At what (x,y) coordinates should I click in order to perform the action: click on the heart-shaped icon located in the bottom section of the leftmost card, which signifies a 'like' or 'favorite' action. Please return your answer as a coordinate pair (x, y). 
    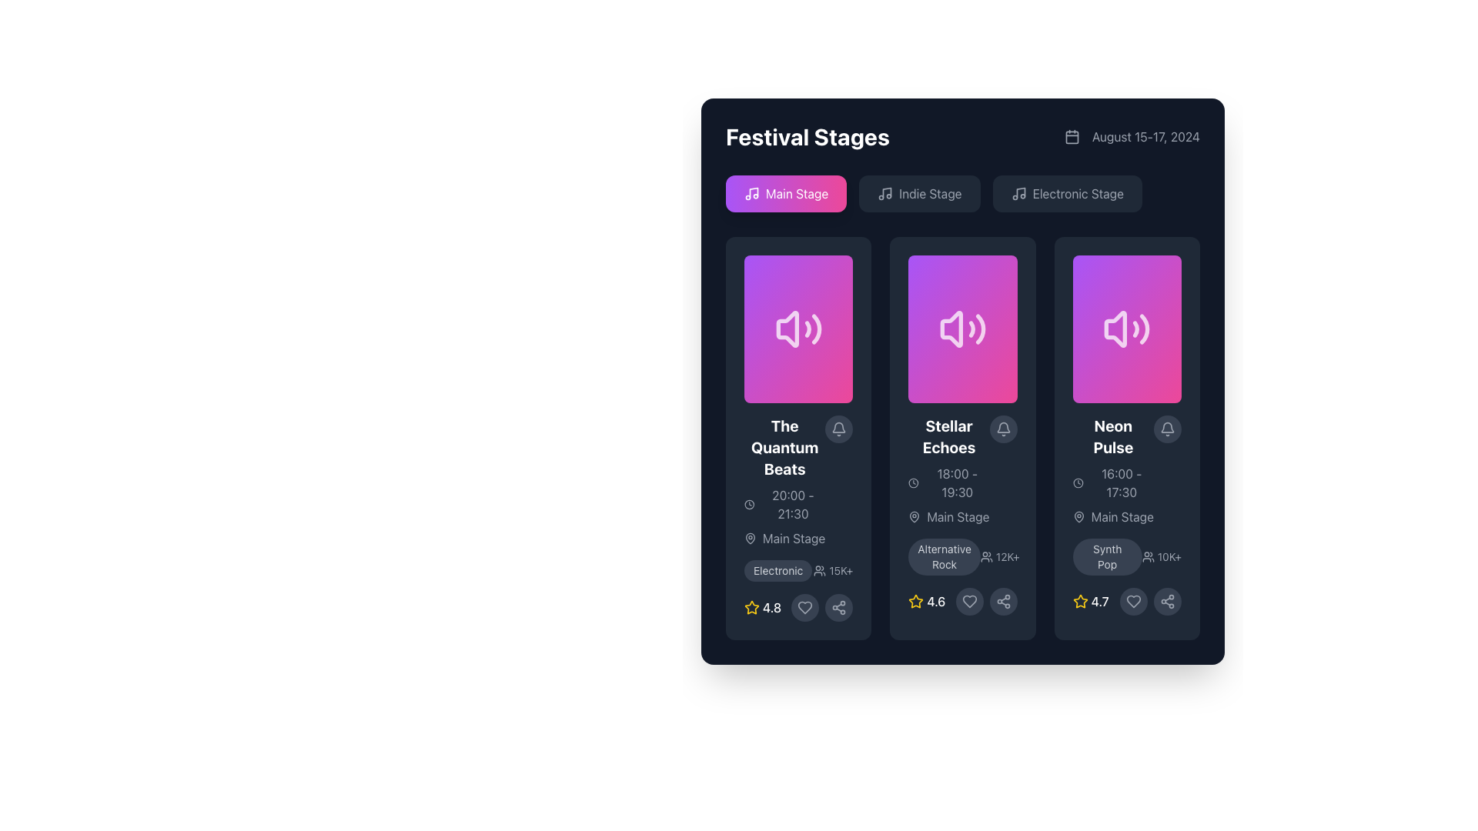
    Looking at the image, I should click on (804, 607).